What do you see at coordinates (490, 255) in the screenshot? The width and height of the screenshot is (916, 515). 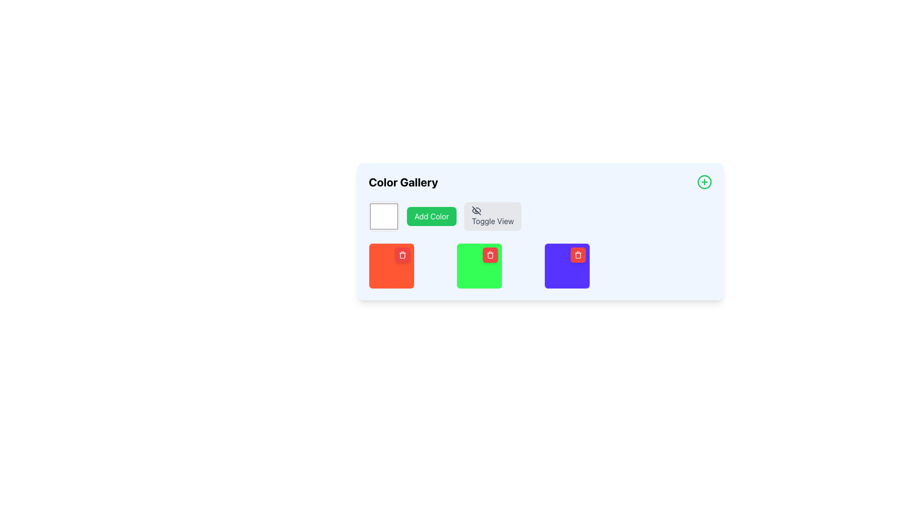 I see `the delete button located at the top-right corner of the green color block in the Color Gallery` at bounding box center [490, 255].